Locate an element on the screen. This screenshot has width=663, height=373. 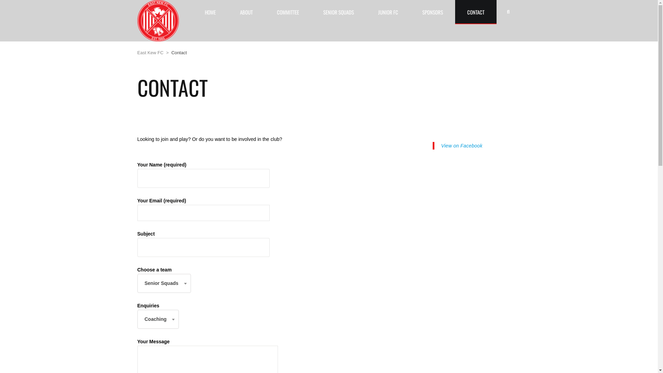
'CONTACT' is located at coordinates (475, 12).